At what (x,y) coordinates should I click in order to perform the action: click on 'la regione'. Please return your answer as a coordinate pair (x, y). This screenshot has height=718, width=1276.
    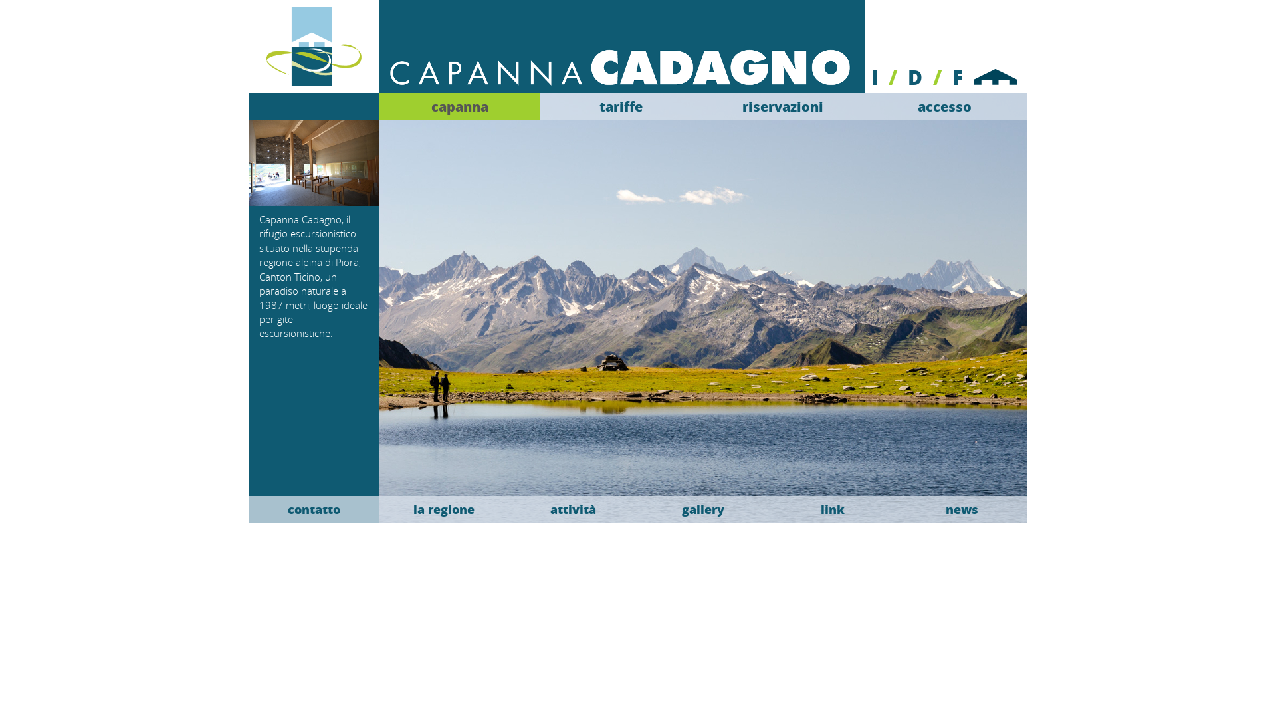
    Looking at the image, I should click on (443, 509).